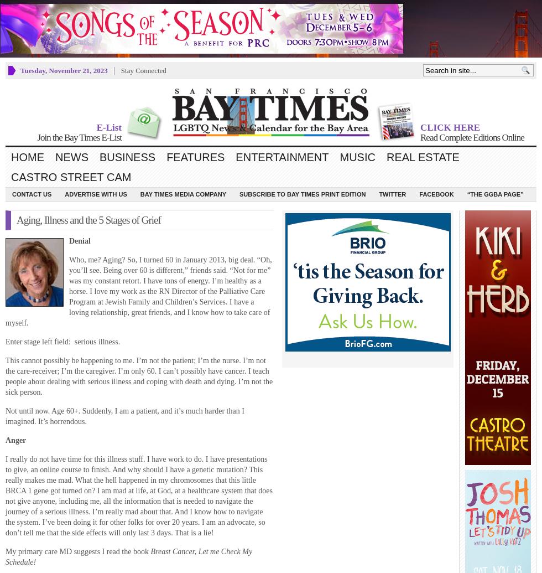 The image size is (542, 573). Describe the element at coordinates (303, 194) in the screenshot. I see `'Subscribe to Bay Times Print Edition'` at that location.